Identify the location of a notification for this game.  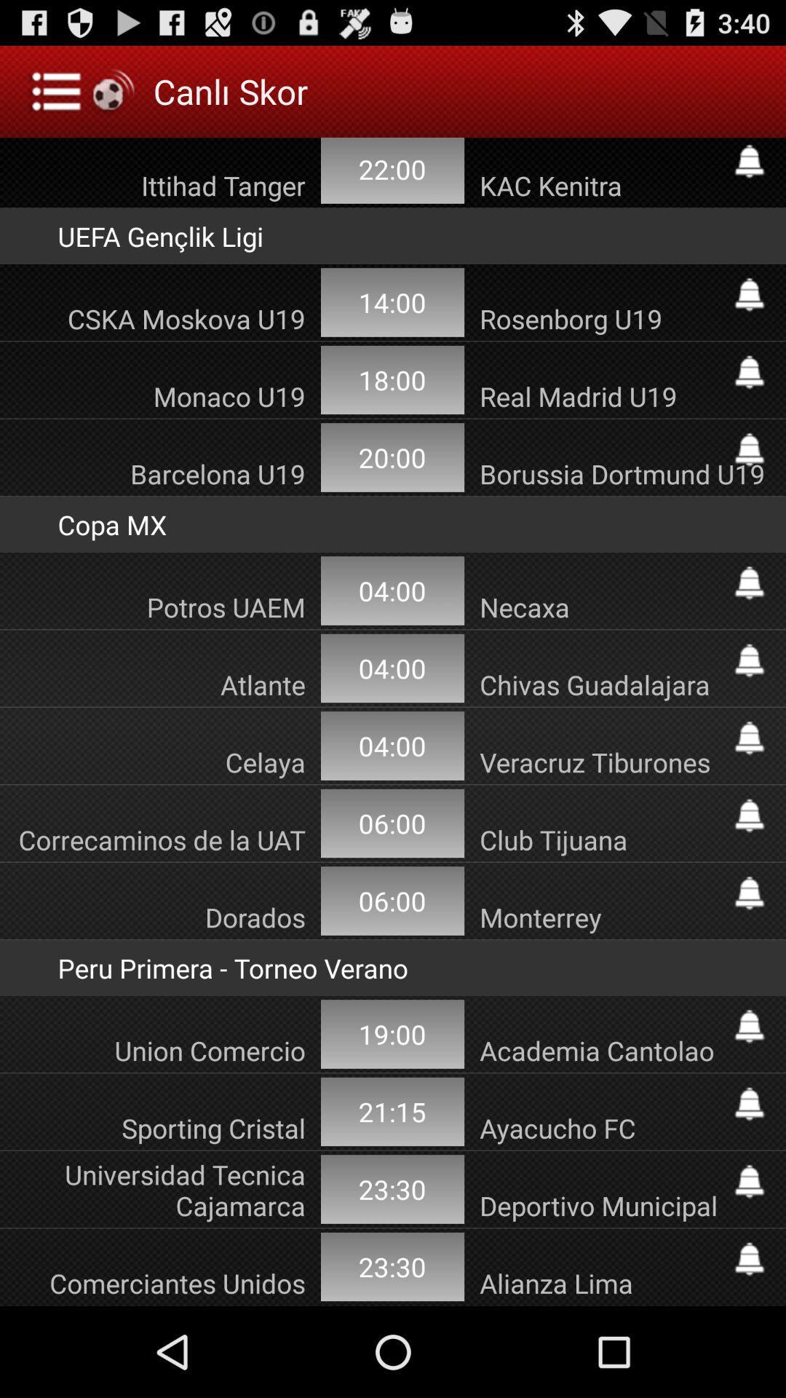
(749, 1258).